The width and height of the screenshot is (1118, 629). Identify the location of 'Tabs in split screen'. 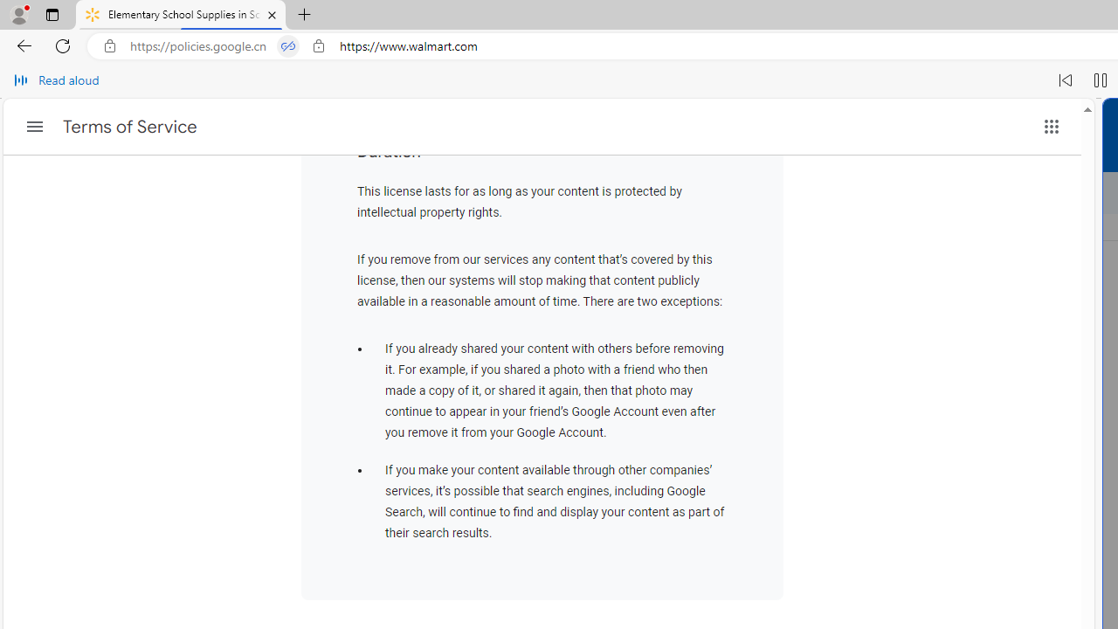
(288, 45).